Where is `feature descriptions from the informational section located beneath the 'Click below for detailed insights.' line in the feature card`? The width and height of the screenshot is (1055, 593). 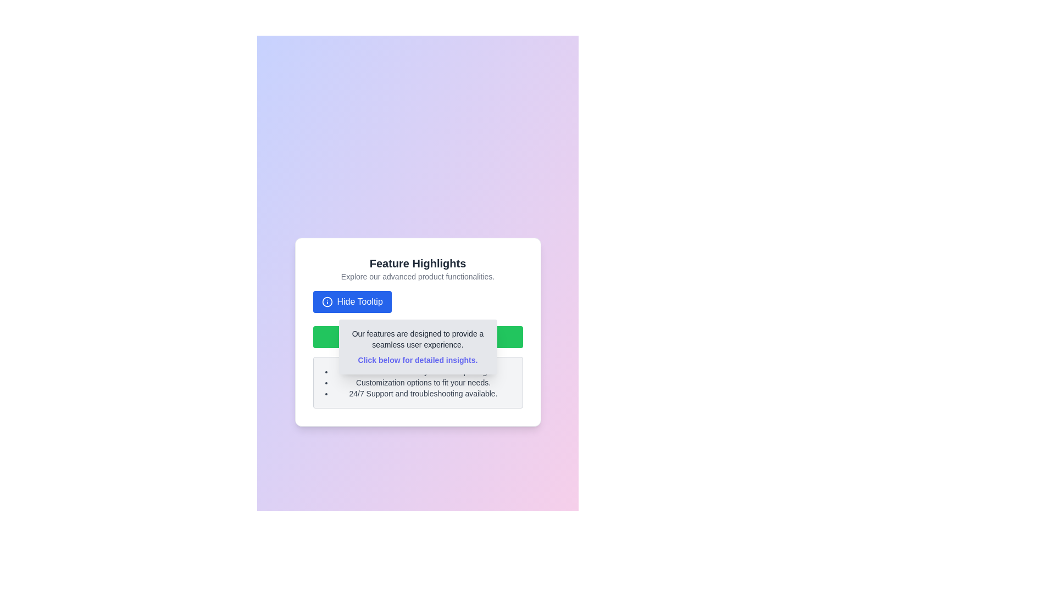 feature descriptions from the informational section located beneath the 'Click below for detailed insights.' line in the feature card is located at coordinates (417, 367).